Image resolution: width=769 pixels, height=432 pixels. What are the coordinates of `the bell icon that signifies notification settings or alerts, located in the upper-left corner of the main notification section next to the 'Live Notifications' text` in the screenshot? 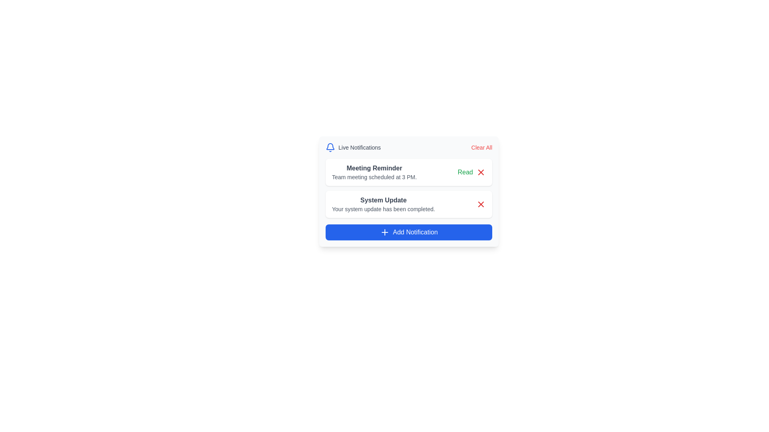 It's located at (330, 148).